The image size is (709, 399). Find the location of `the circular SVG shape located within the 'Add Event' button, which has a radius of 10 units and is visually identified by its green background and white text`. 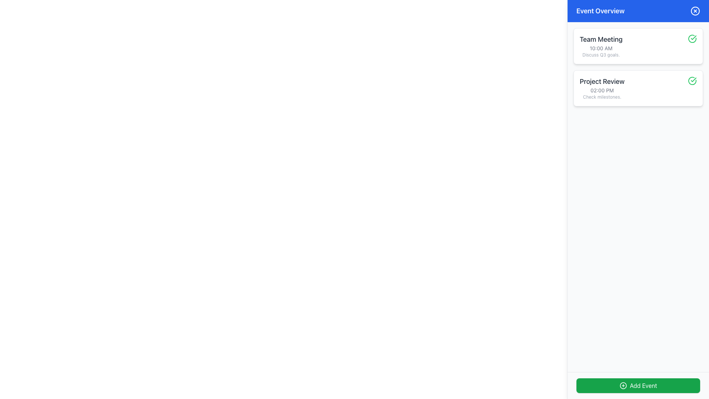

the circular SVG shape located within the 'Add Event' button, which has a radius of 10 units and is visually identified by its green background and white text is located at coordinates (623, 385).